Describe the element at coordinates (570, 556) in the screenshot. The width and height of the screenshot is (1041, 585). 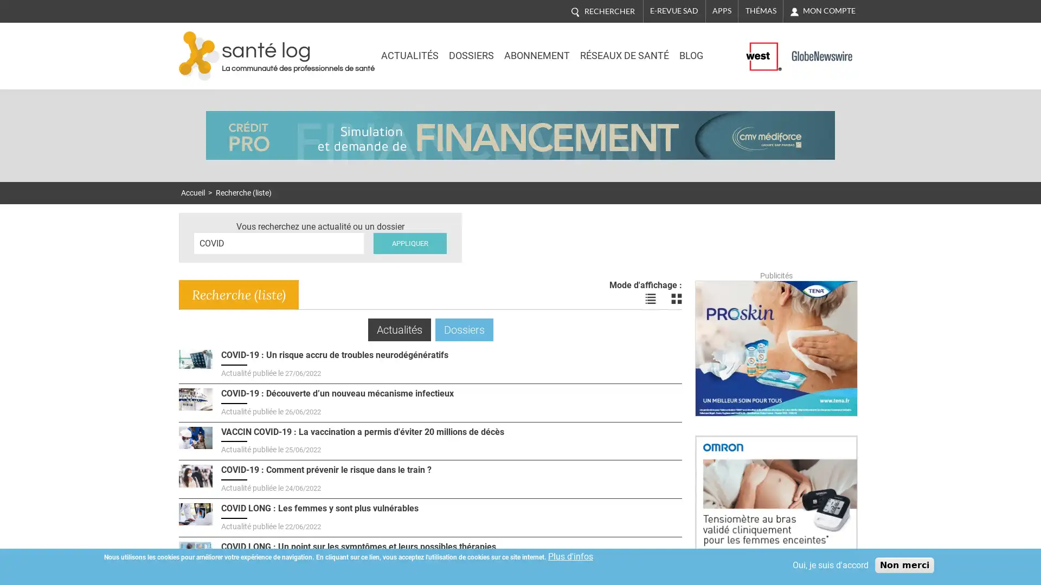
I see `Plus d'infos` at that location.